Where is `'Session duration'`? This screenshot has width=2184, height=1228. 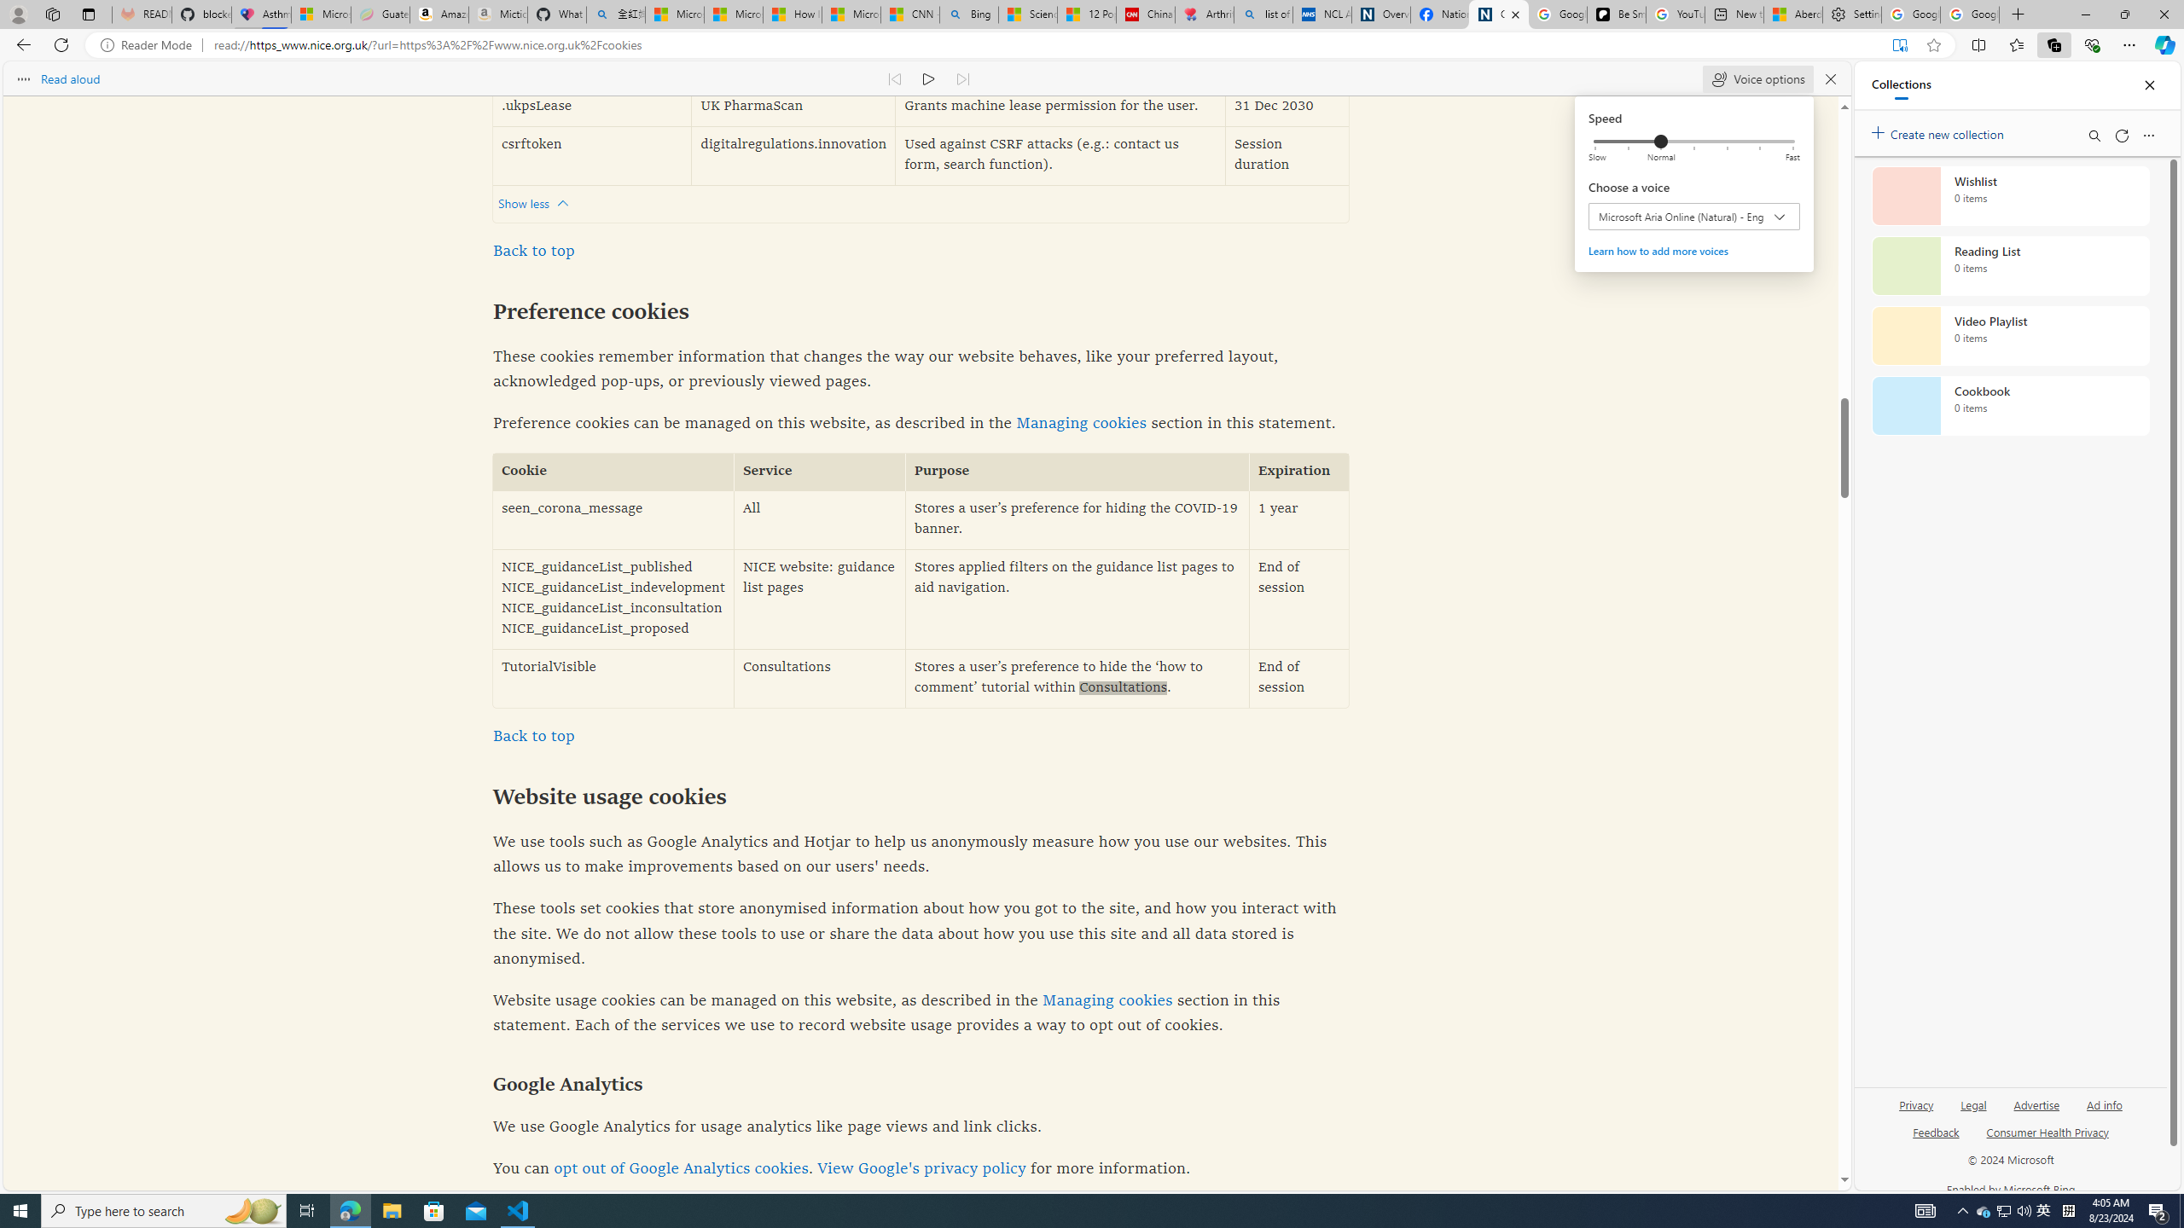
'Session duration' is located at coordinates (1287, 154).